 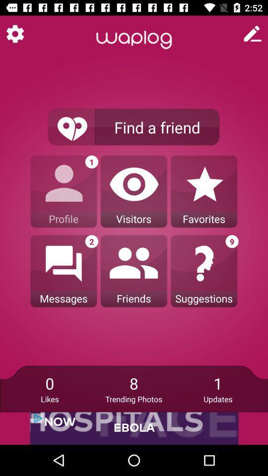 What do you see at coordinates (14, 34) in the screenshot?
I see `setting` at bounding box center [14, 34].